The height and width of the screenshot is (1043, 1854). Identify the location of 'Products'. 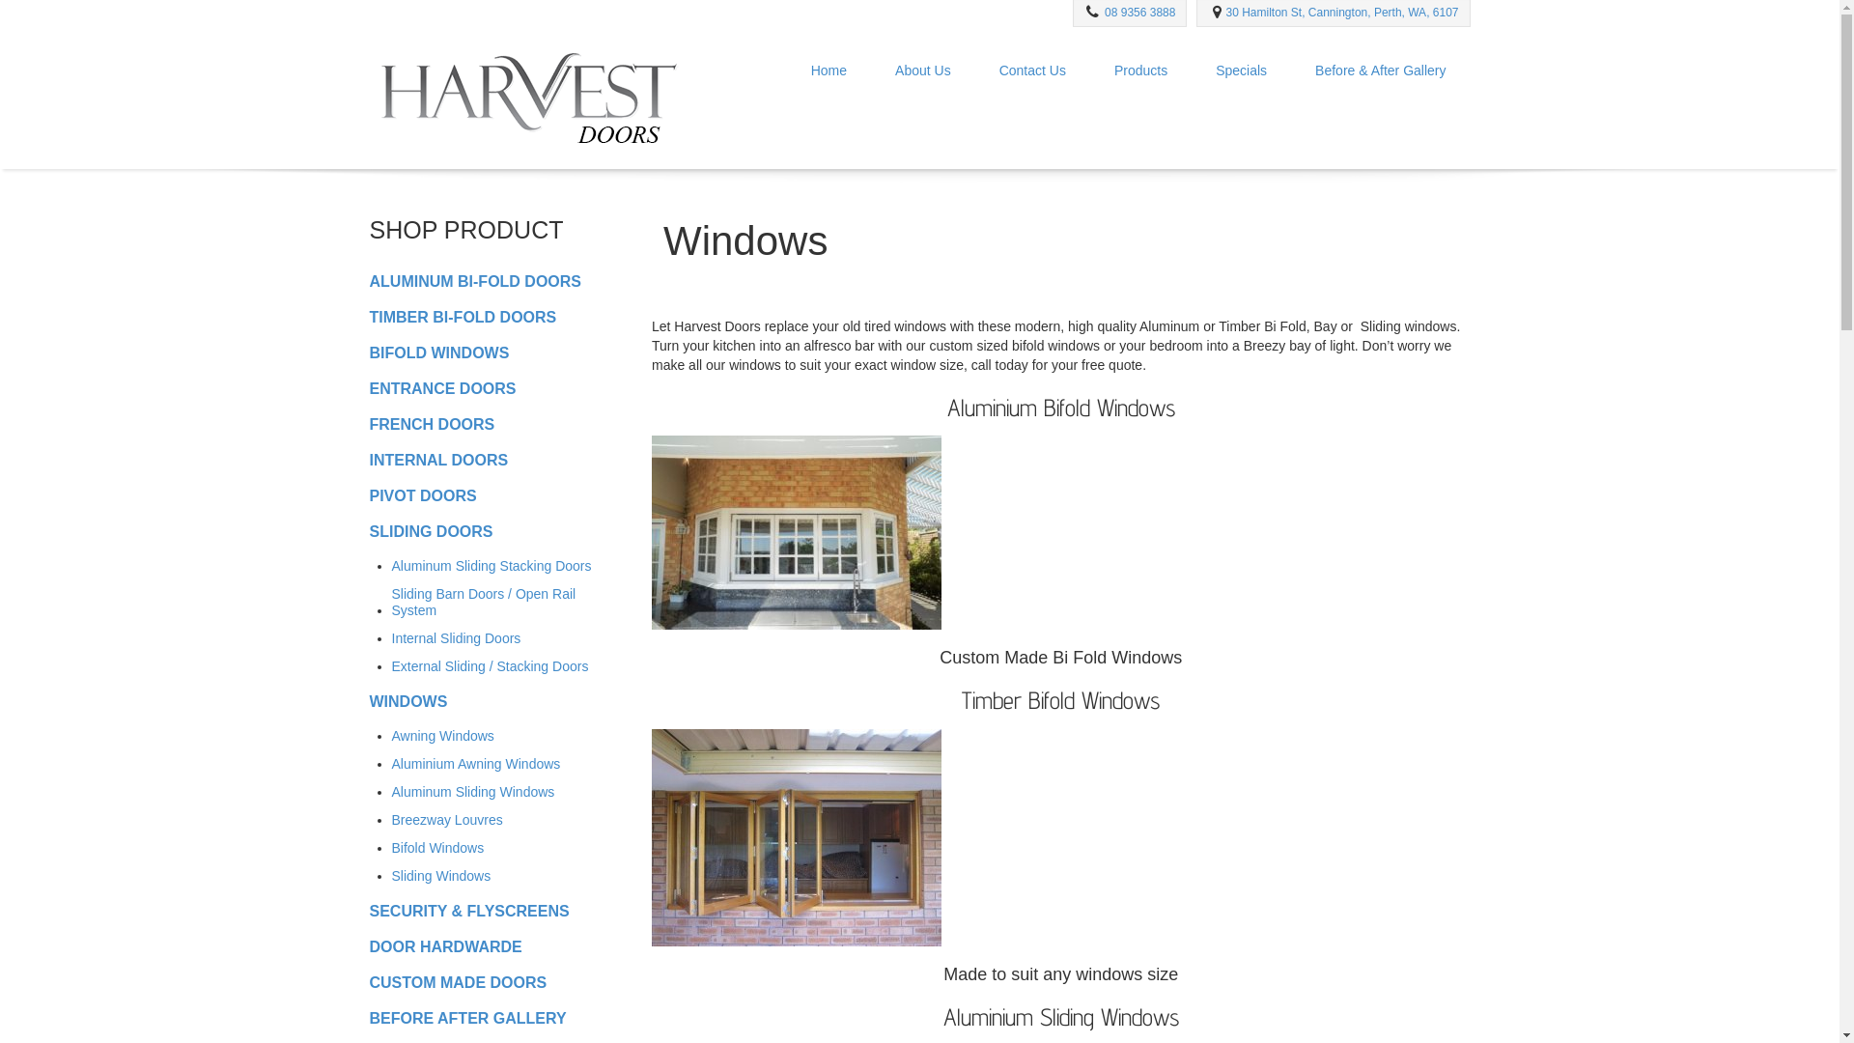
(1140, 70).